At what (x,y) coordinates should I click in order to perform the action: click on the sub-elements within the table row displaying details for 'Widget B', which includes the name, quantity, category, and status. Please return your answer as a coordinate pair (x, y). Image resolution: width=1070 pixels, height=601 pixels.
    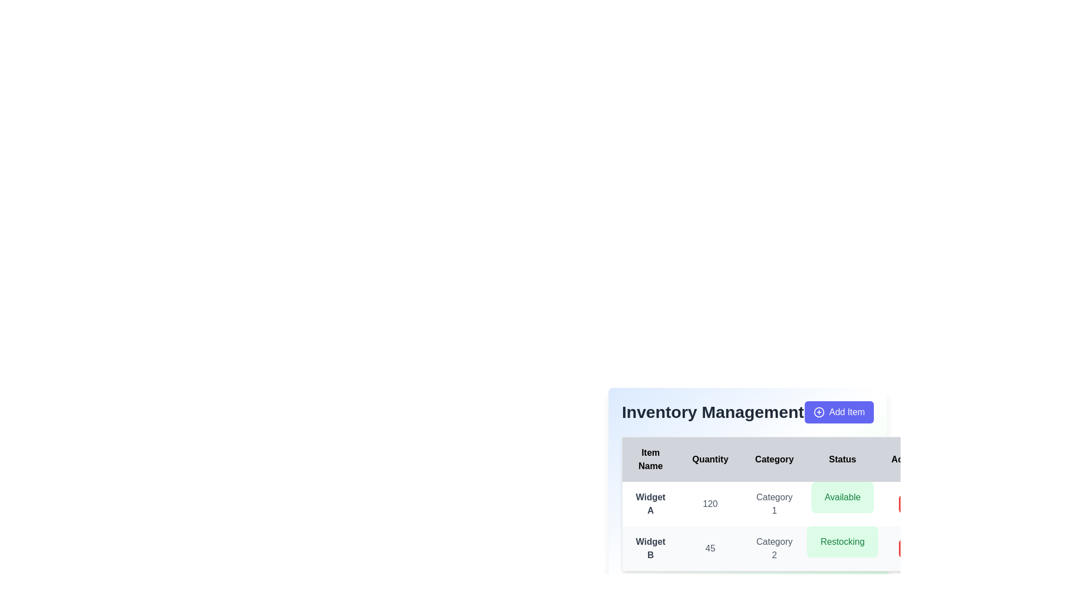
    Looking at the image, I should click on (779, 526).